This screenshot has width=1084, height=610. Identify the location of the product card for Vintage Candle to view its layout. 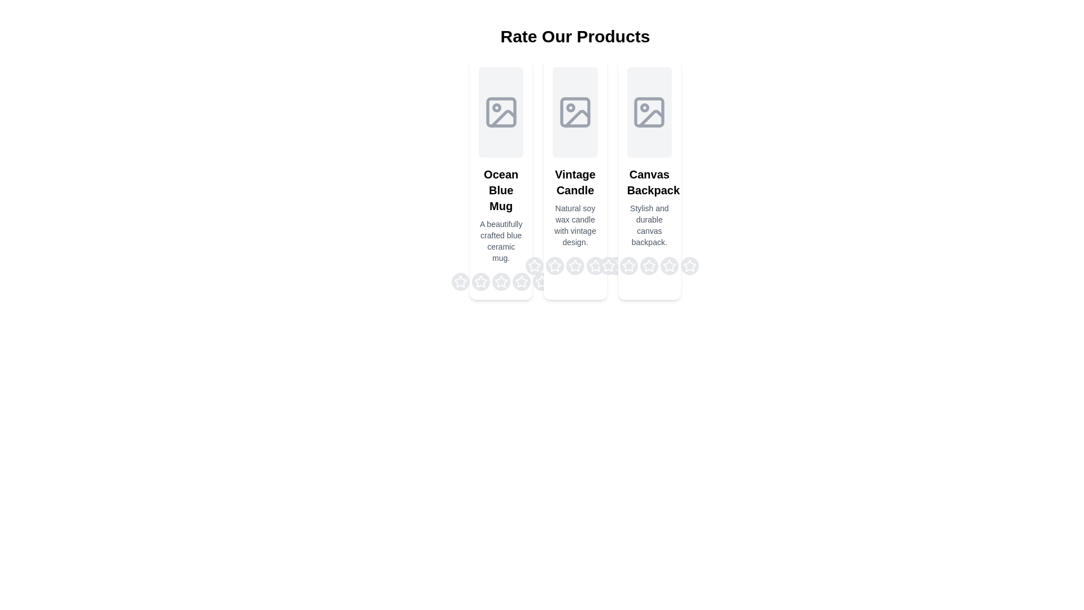
(575, 178).